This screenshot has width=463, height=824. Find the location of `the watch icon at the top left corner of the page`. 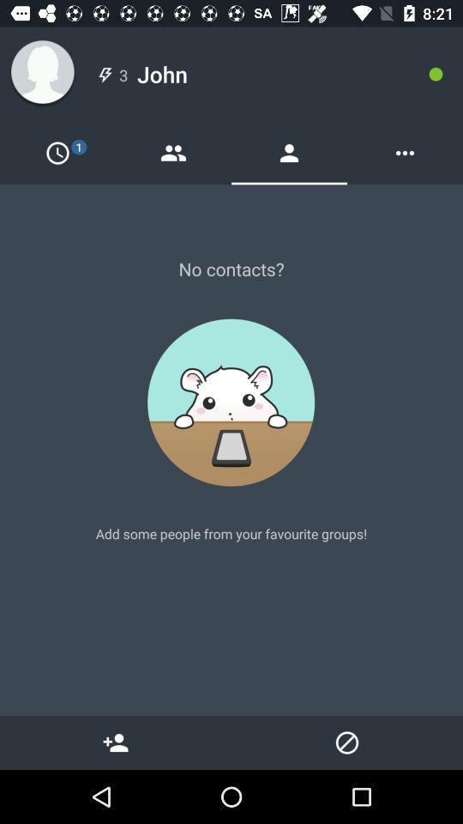

the watch icon at the top left corner of the page is located at coordinates (57, 152).